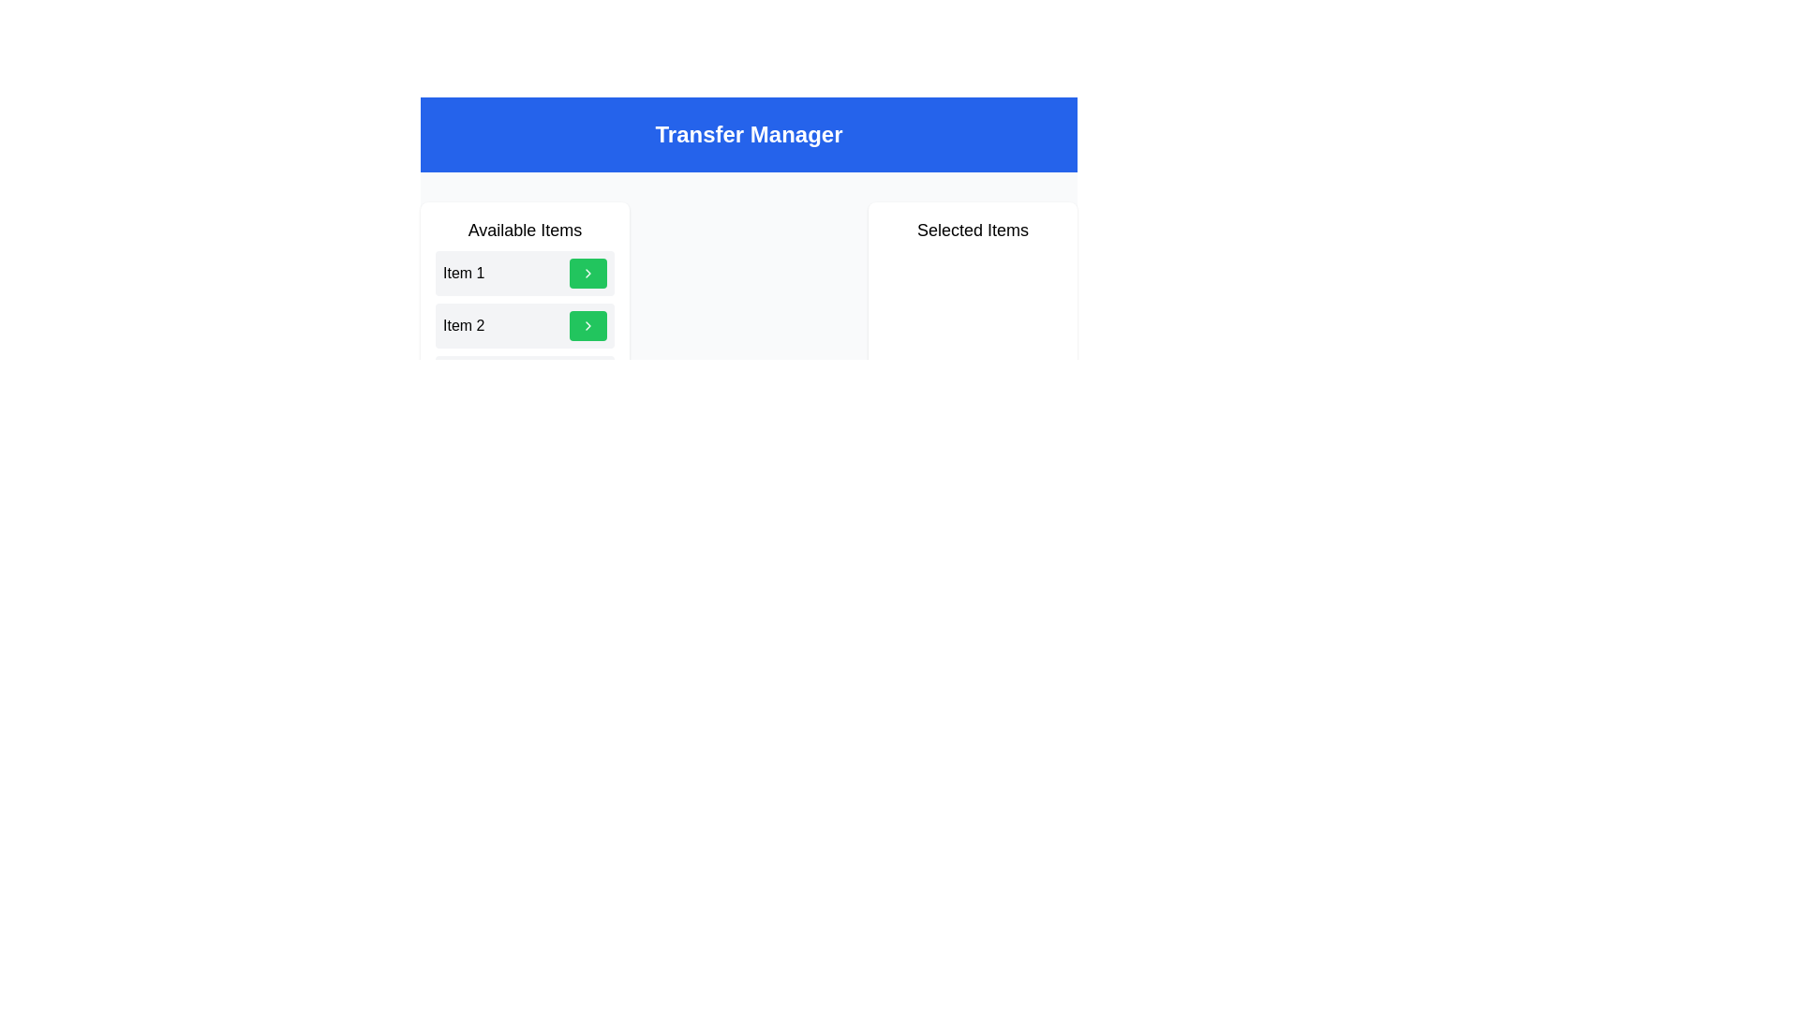 Image resolution: width=1799 pixels, height=1012 pixels. What do you see at coordinates (525, 230) in the screenshot?
I see `the section header labeled 'Available Items' located in the left panel, which provides context for the list of selectable items` at bounding box center [525, 230].